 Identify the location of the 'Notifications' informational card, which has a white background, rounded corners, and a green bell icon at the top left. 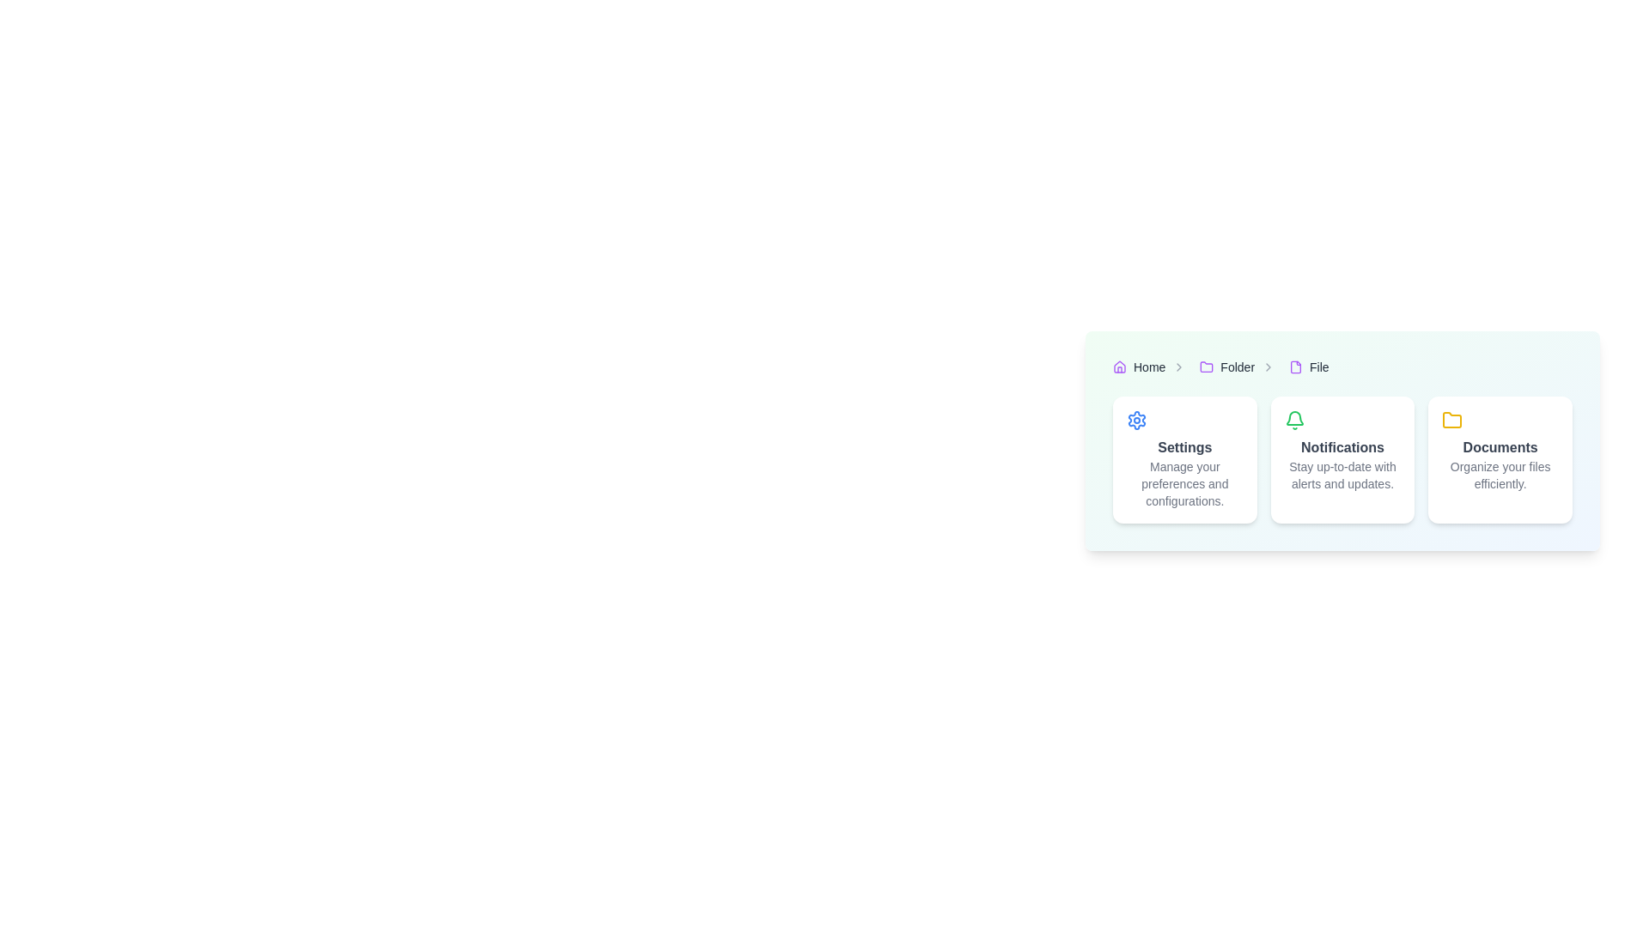
(1342, 459).